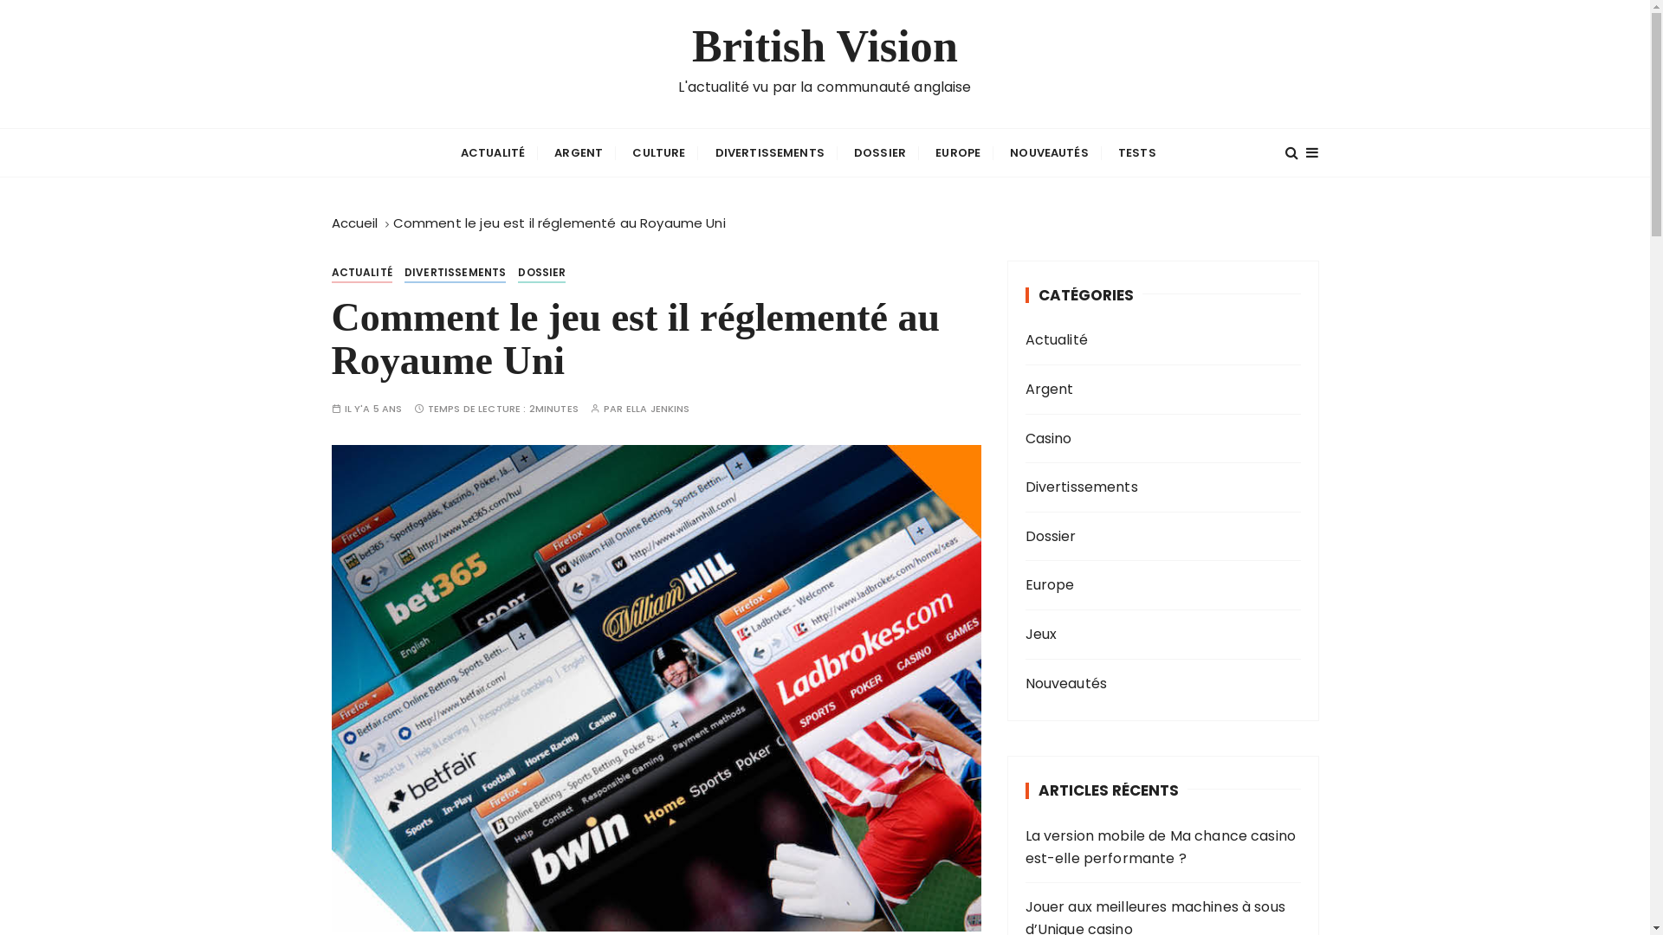  What do you see at coordinates (540, 273) in the screenshot?
I see `'DOSSIER'` at bounding box center [540, 273].